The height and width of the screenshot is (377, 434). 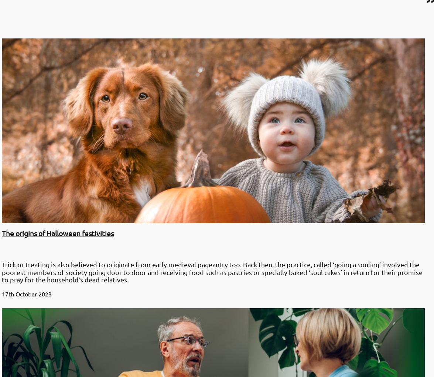 I want to click on 'Next »', so click(x=30, y=202).